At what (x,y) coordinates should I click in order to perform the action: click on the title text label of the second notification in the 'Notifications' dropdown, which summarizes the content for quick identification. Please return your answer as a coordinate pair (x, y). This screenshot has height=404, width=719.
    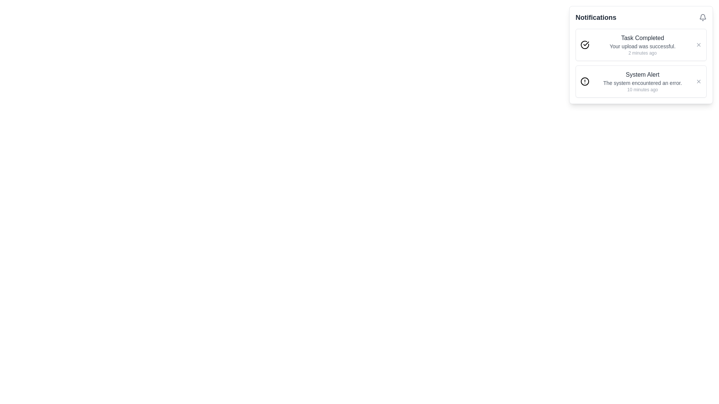
    Looking at the image, I should click on (642, 75).